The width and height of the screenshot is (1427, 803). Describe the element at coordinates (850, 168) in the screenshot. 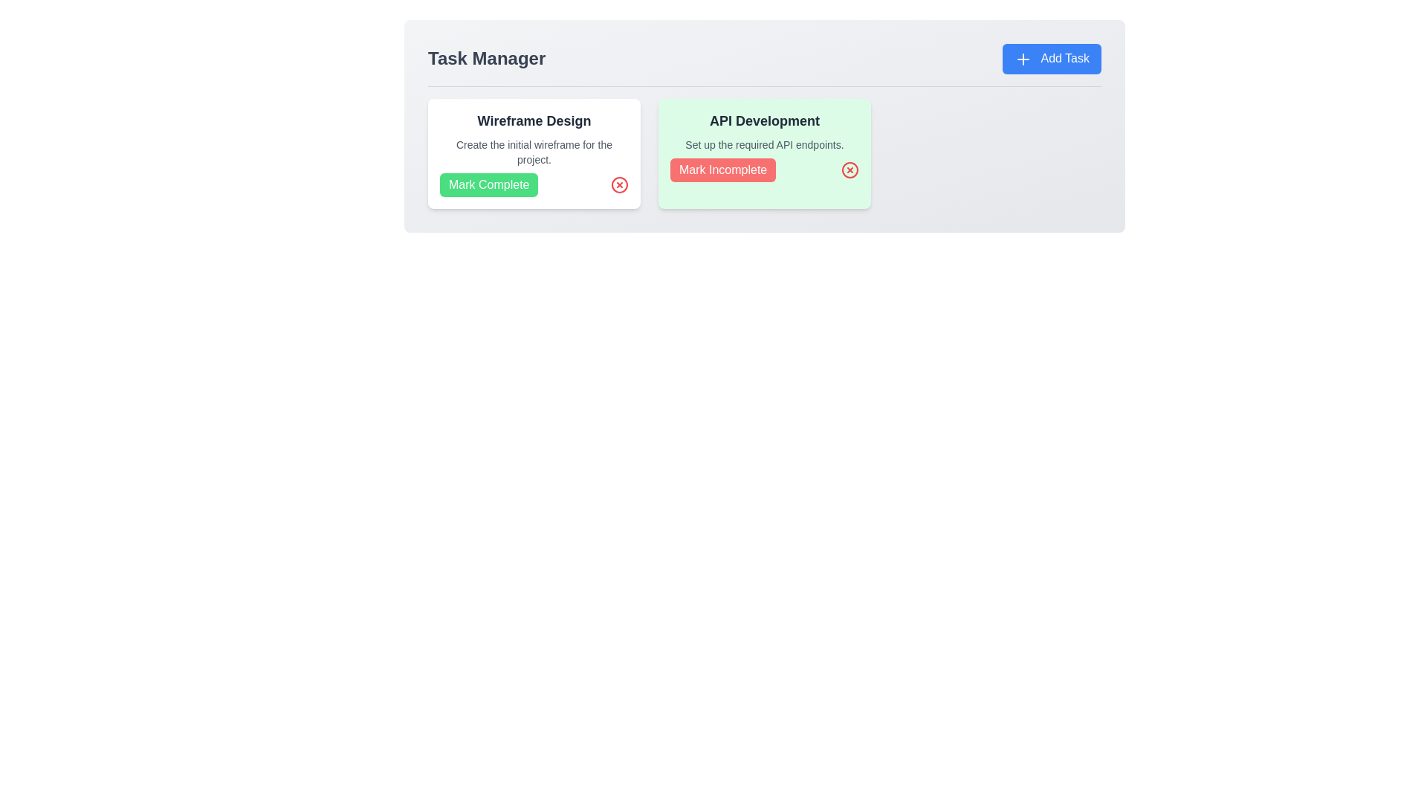

I see `the delete or remove button located in the 'API Development' task card towards the top-right corner, directly to the right of the 'Mark Incomplete' button` at that location.